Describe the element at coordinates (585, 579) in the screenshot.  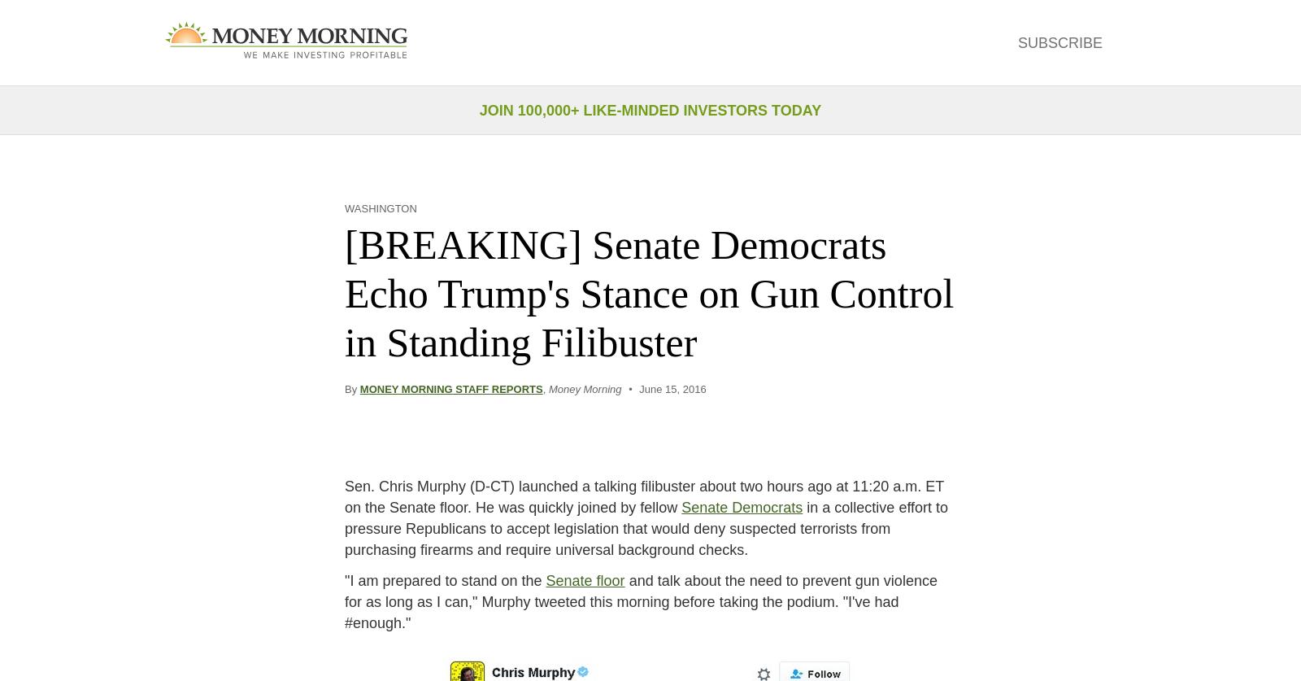
I see `'Senate floor'` at that location.